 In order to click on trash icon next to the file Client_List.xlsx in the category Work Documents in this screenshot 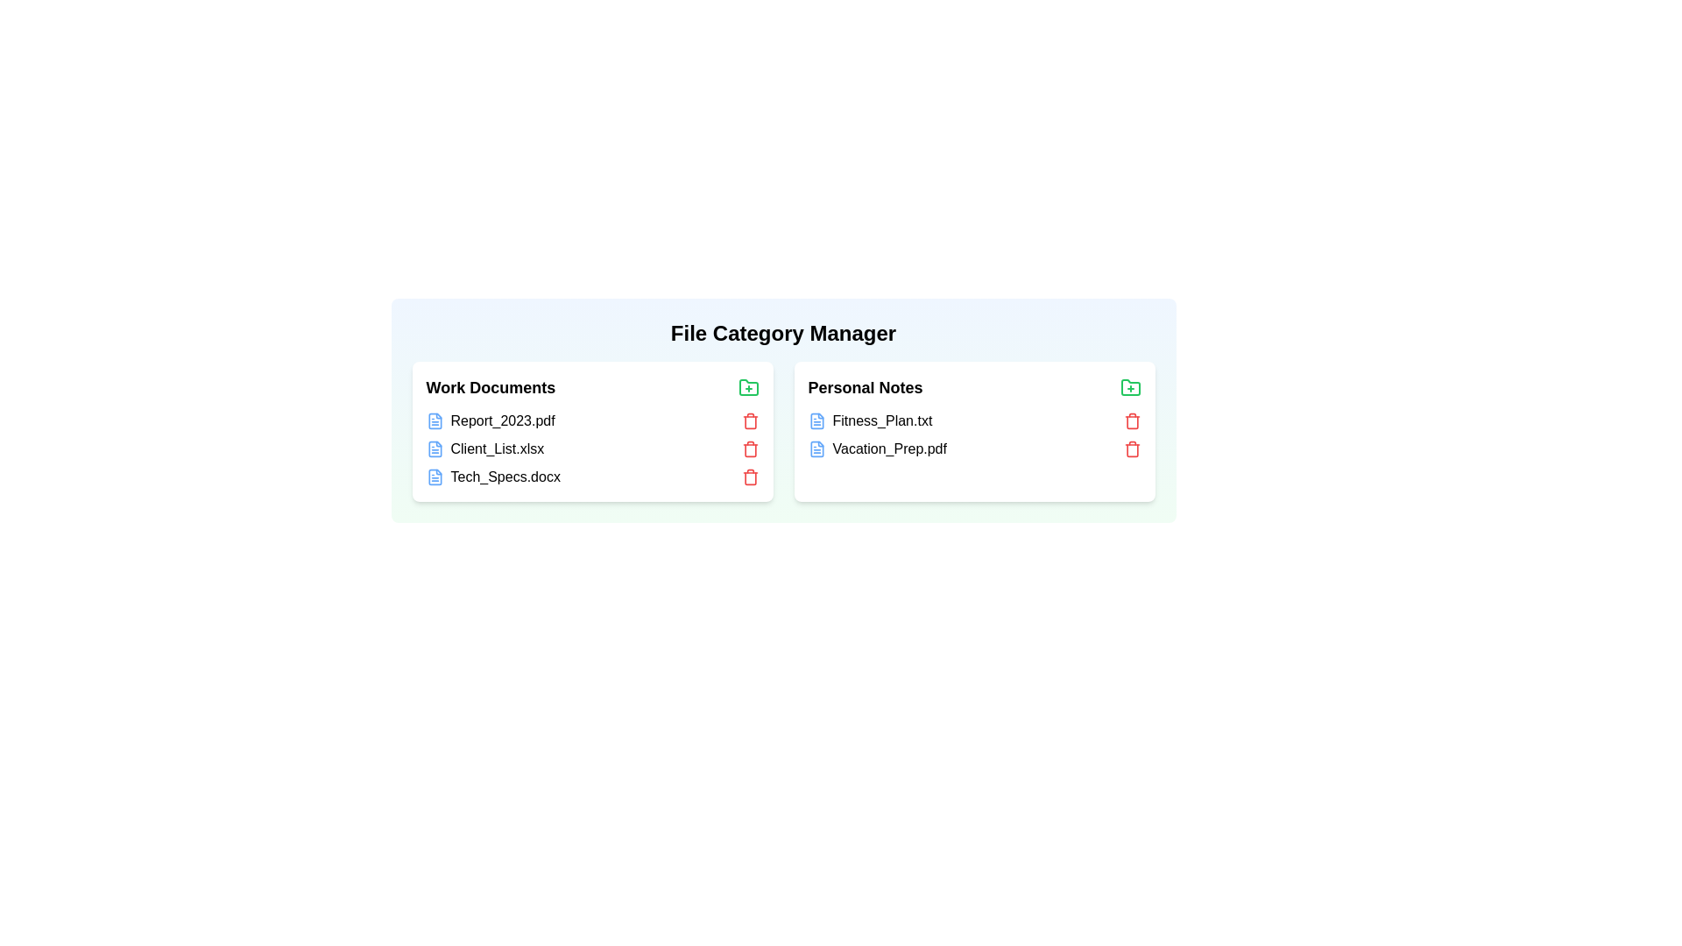, I will do `click(750, 448)`.